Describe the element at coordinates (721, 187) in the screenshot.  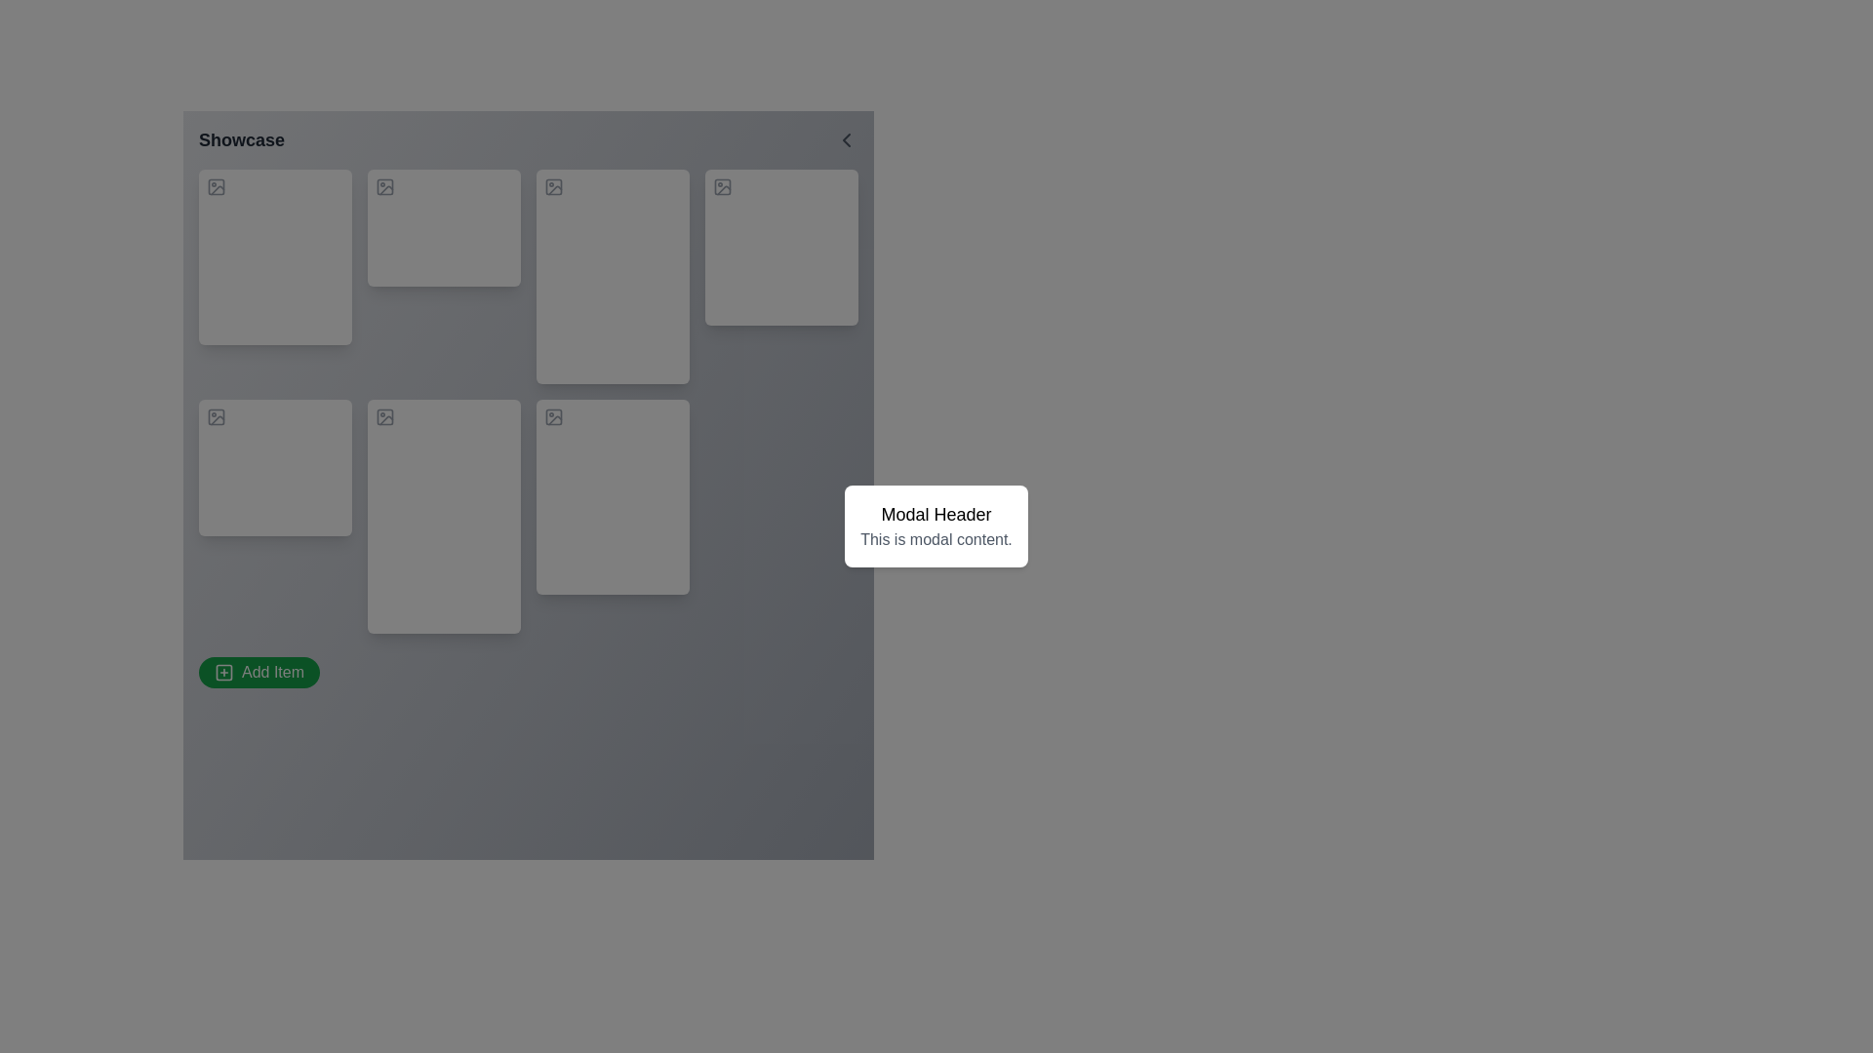
I see `the SVG graphical component that serves as a placeholder or background within the SVG graphic, located in the top left corner of its containing card` at that location.